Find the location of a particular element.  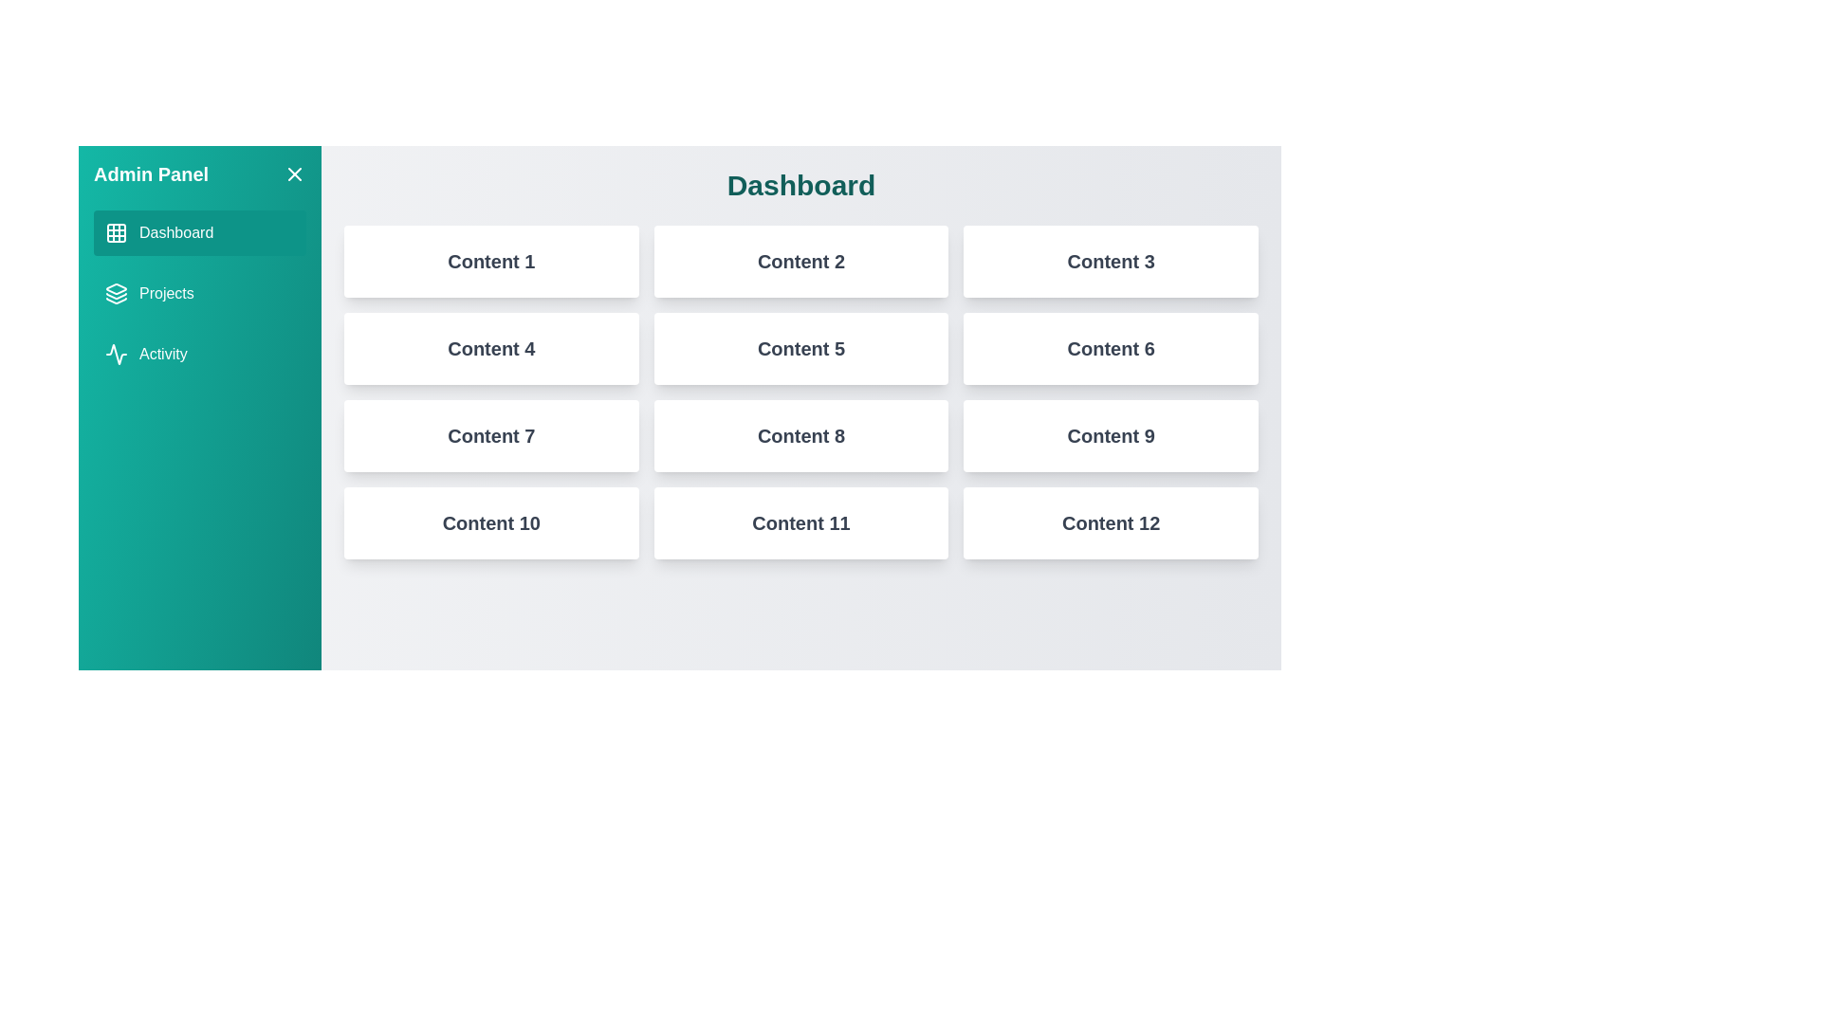

close button on the side navigation drawer to toggle it closed is located at coordinates (294, 174).